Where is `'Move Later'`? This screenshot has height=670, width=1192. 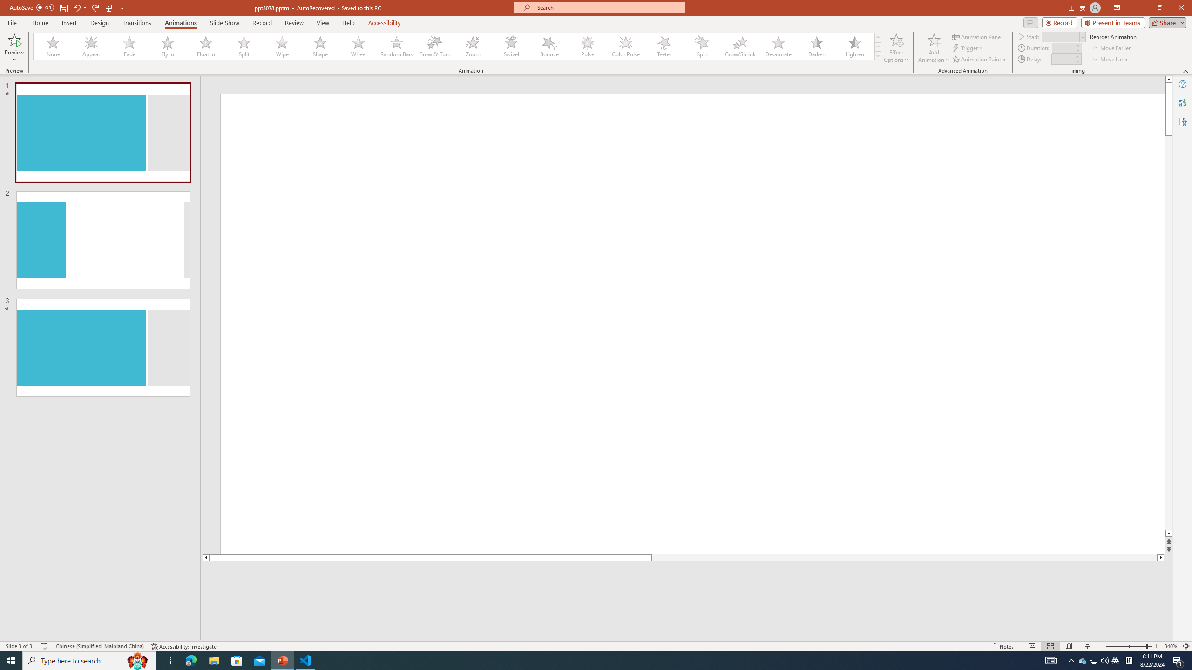
'Move Later' is located at coordinates (1110, 59).